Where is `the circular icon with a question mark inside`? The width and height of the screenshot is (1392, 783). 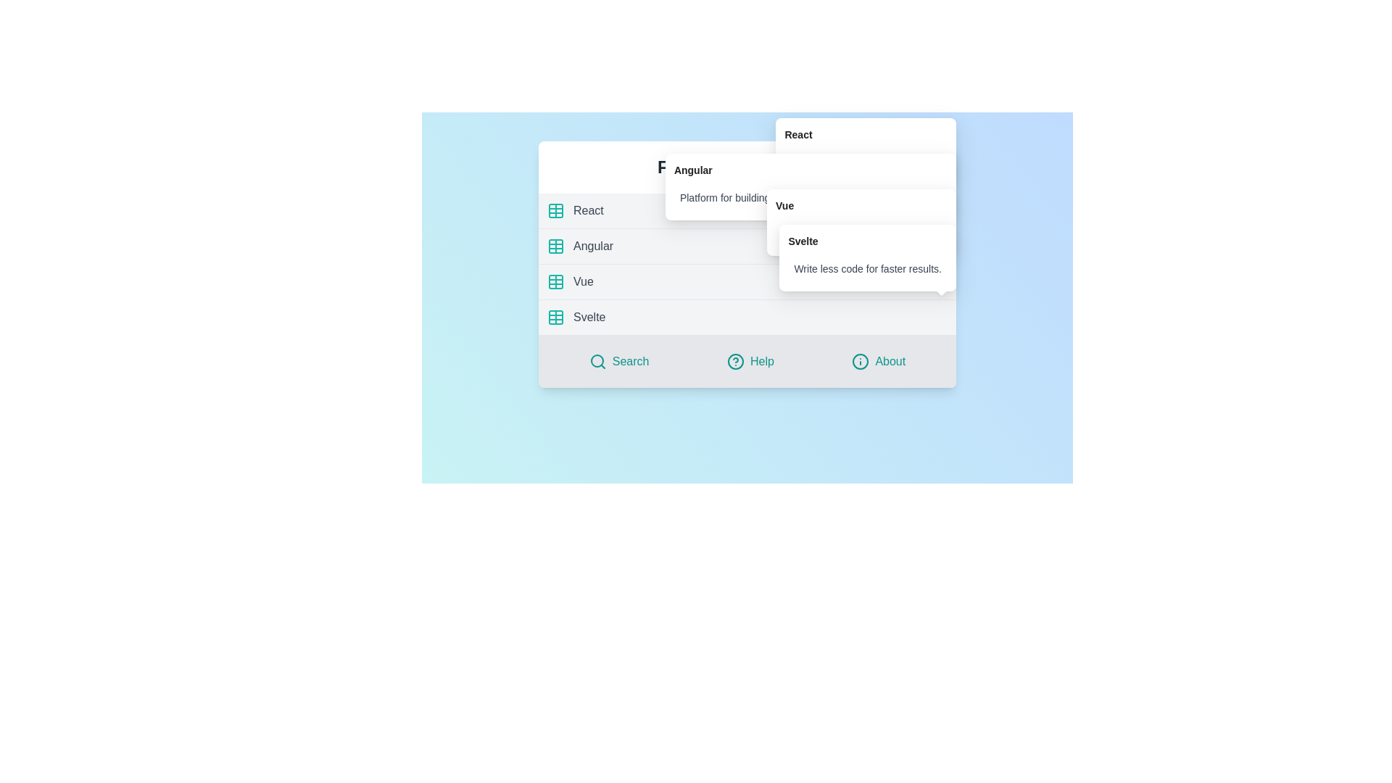
the circular icon with a question mark inside is located at coordinates (735, 360).